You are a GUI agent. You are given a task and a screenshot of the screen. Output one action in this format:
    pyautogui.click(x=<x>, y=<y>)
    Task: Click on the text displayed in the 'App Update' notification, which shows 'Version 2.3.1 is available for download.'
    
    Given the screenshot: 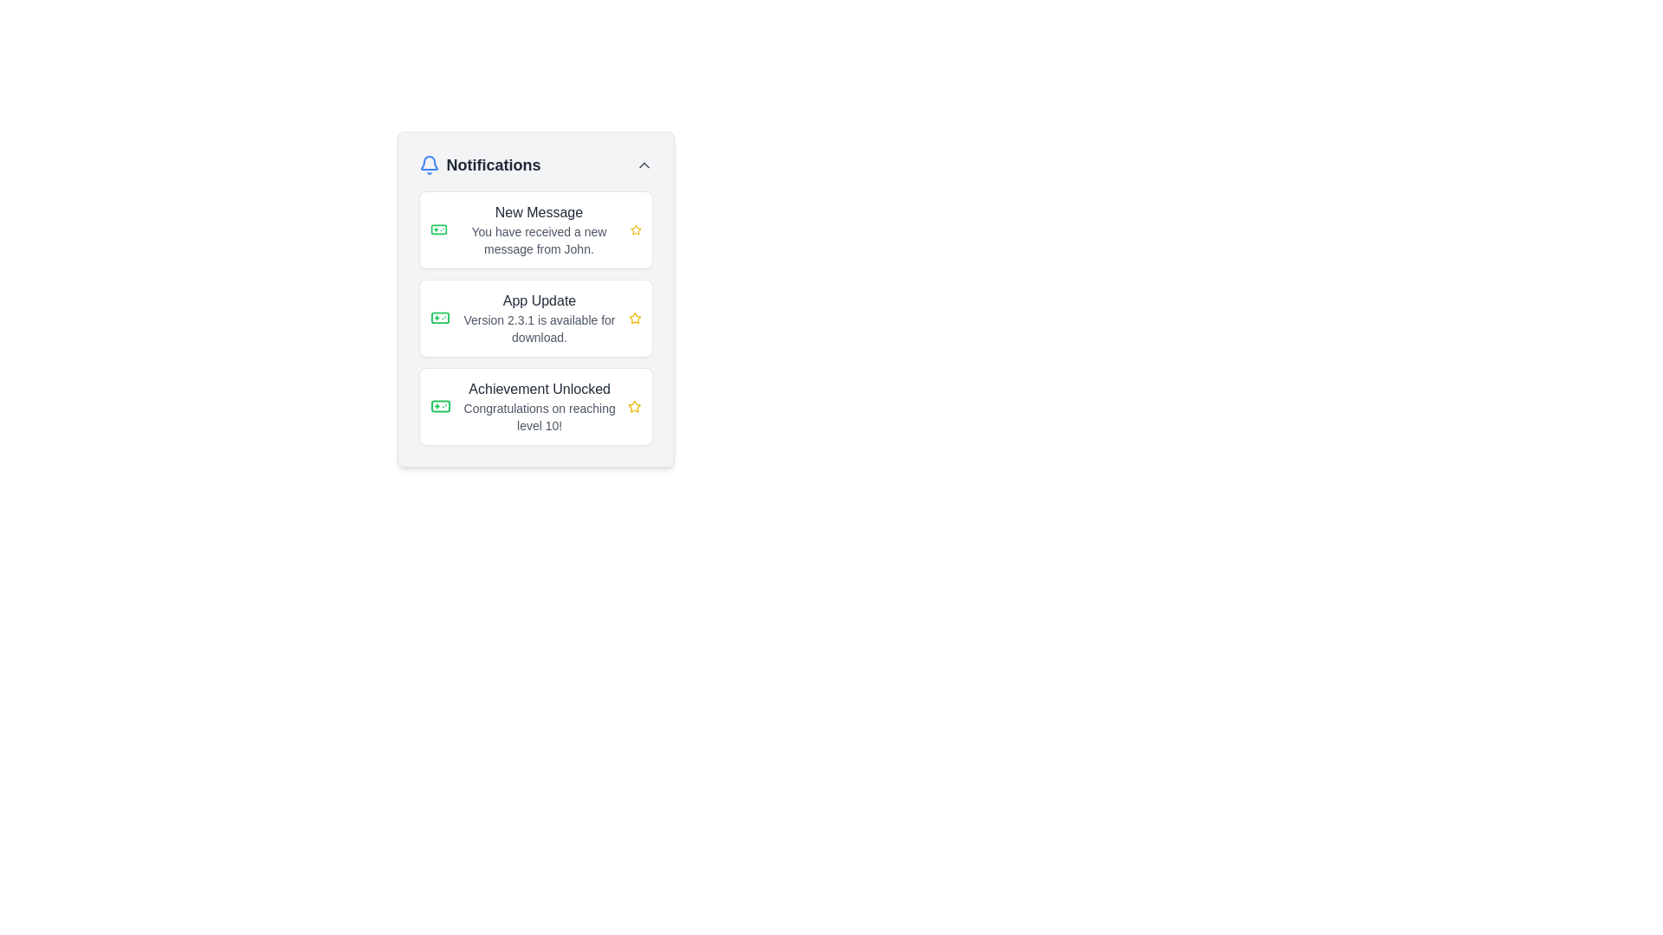 What is the action you would take?
    pyautogui.click(x=539, y=318)
    